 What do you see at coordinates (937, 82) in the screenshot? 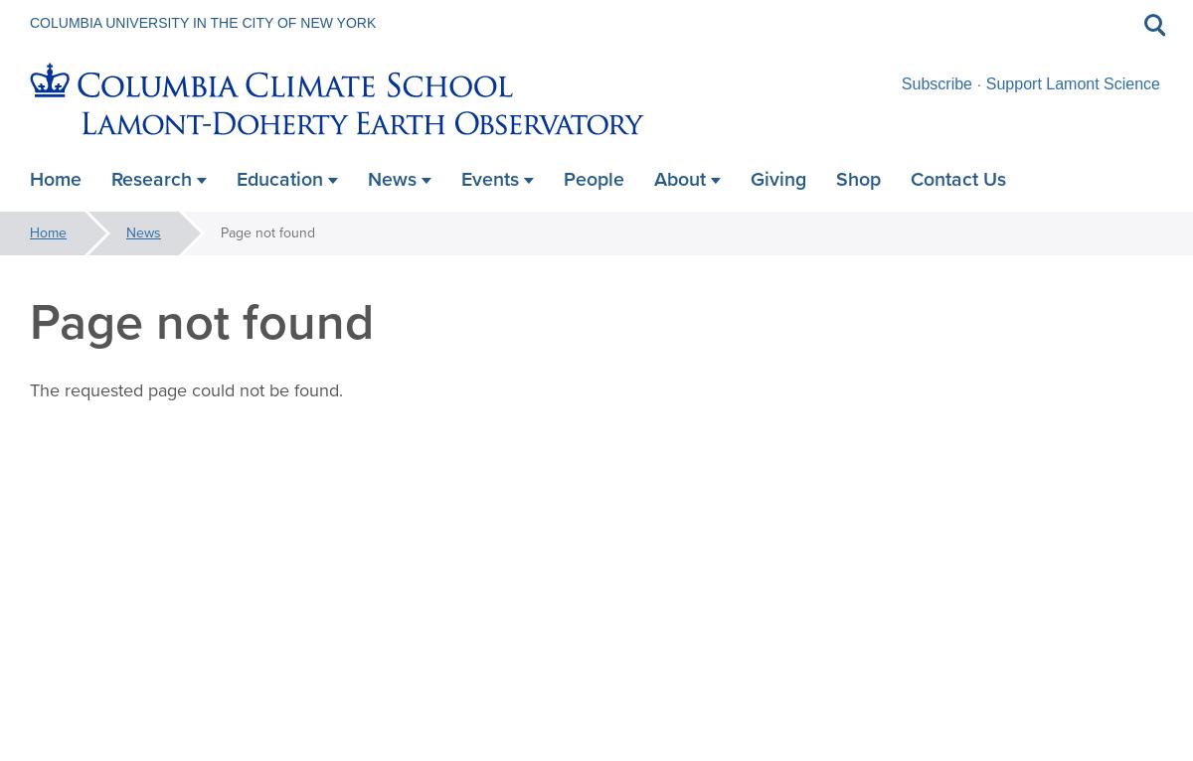
I see `'Subscribe'` at bounding box center [937, 82].